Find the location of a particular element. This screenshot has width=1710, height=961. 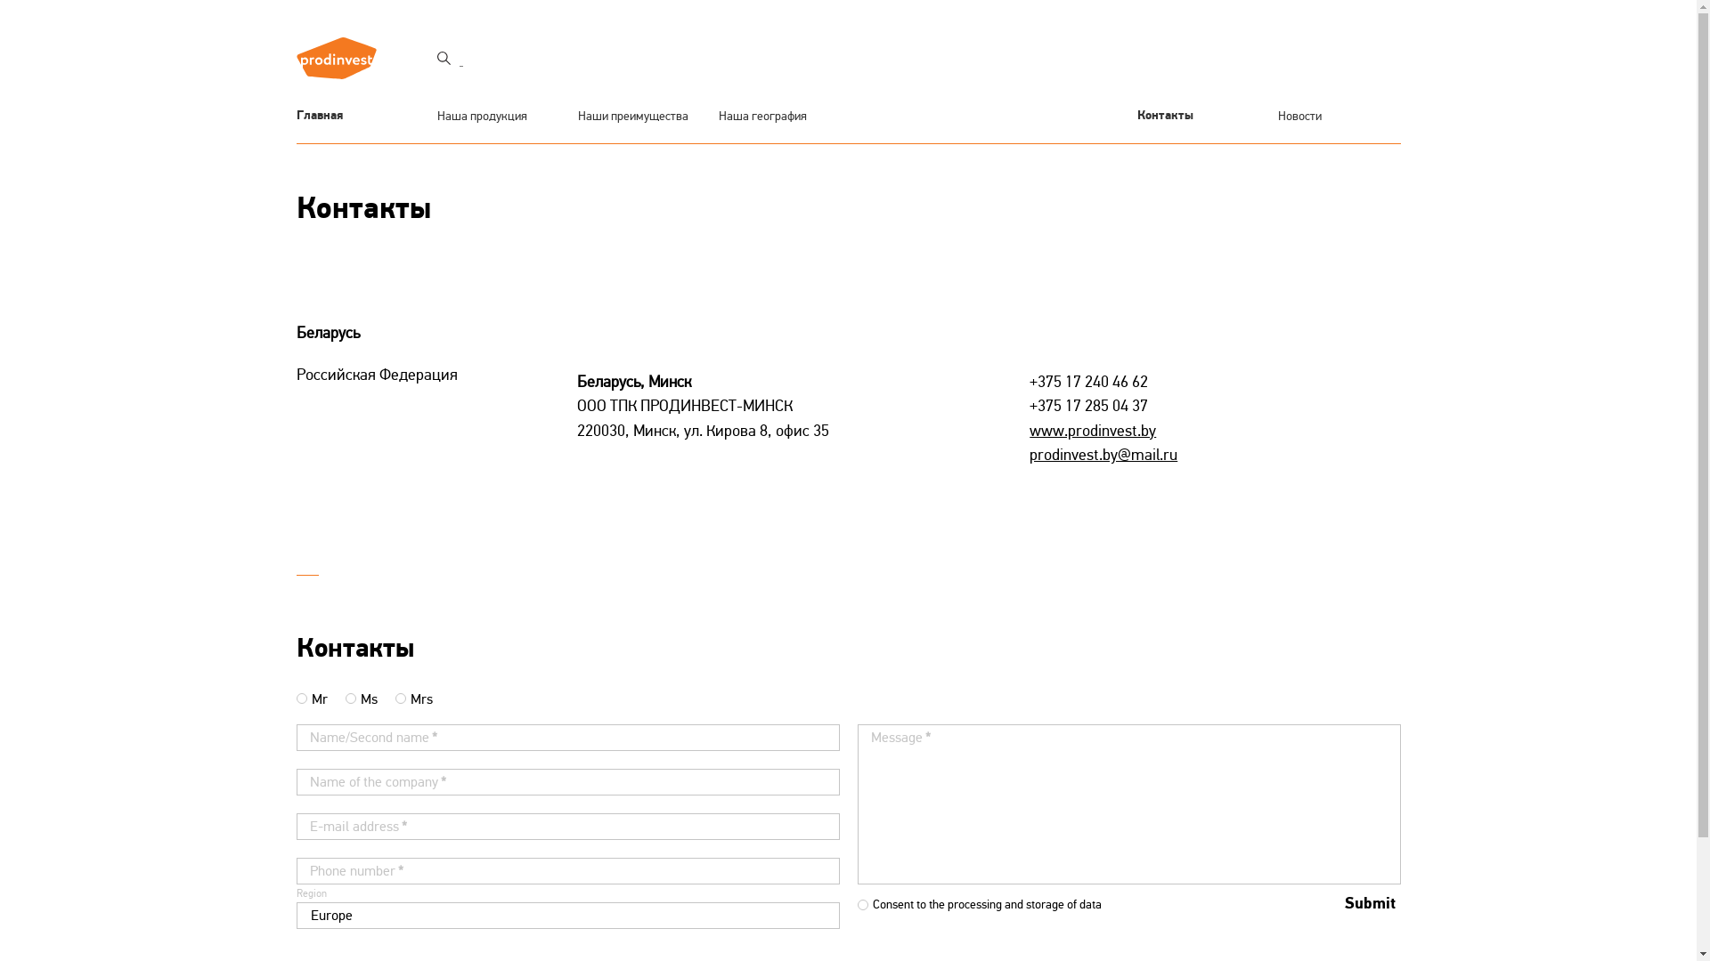

'Submit' is located at coordinates (1369, 903).